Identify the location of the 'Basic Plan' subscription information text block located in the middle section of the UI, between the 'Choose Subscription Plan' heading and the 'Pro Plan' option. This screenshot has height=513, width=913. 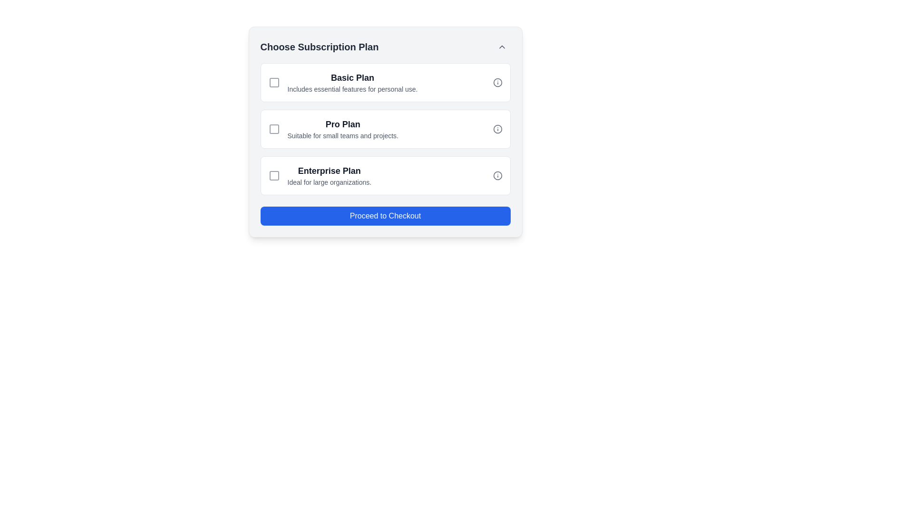
(352, 82).